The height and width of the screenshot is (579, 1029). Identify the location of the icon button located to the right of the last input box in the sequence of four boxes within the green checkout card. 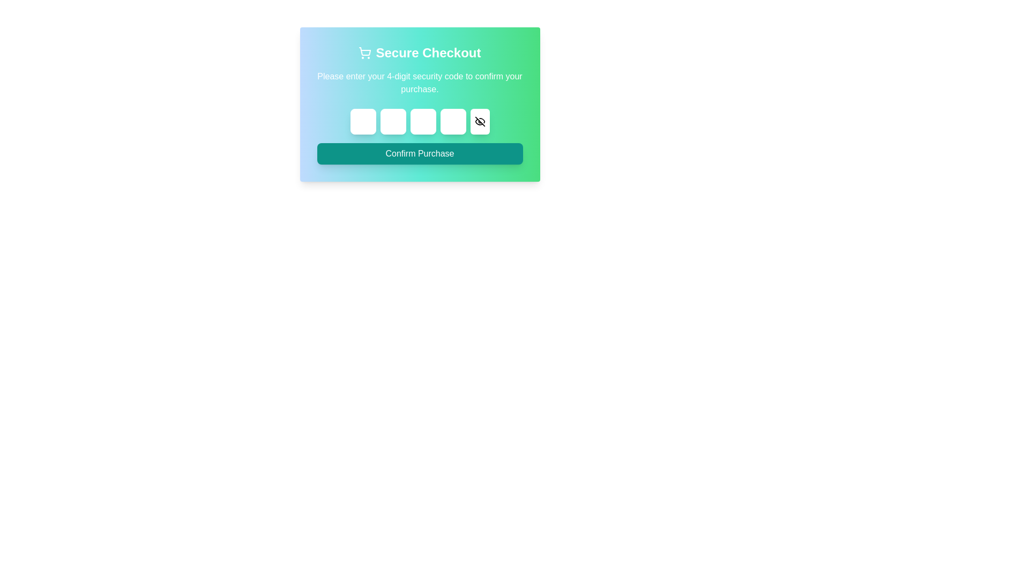
(479, 121).